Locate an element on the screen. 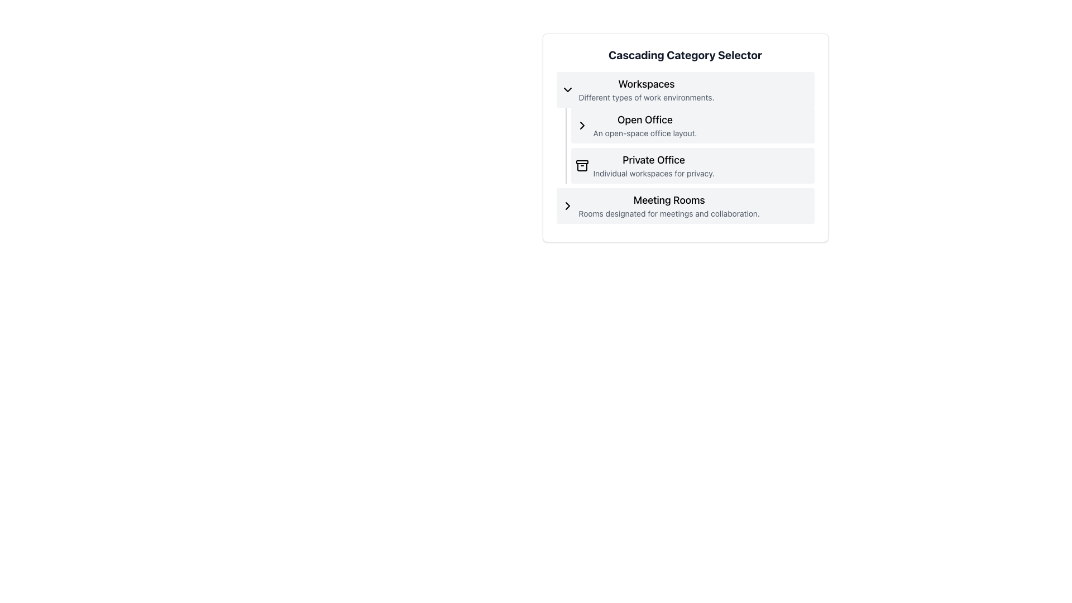 This screenshot has width=1072, height=603. the first entry in the cascading category selector menu, which provides information about a workspace-related category is located at coordinates (646, 89).